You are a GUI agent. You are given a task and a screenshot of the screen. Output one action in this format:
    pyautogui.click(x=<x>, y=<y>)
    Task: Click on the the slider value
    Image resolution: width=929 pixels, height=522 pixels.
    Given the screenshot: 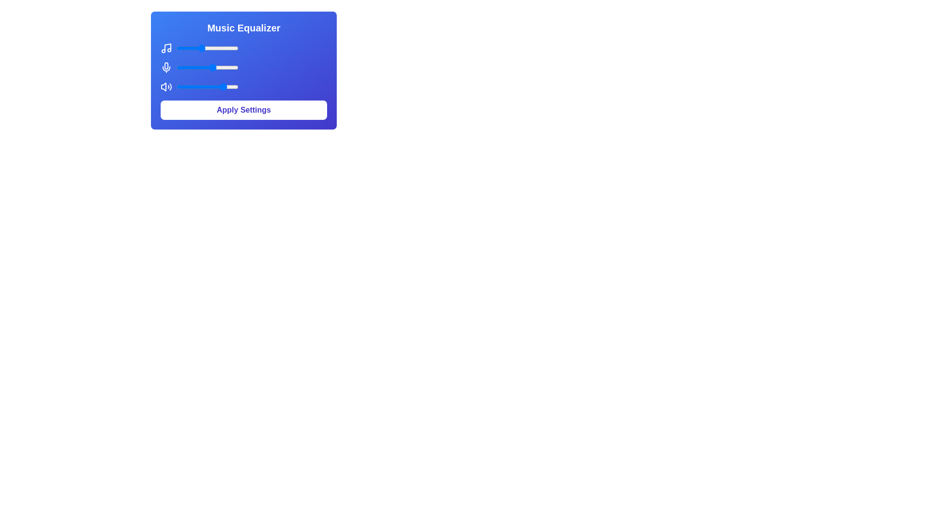 What is the action you would take?
    pyautogui.click(x=176, y=87)
    